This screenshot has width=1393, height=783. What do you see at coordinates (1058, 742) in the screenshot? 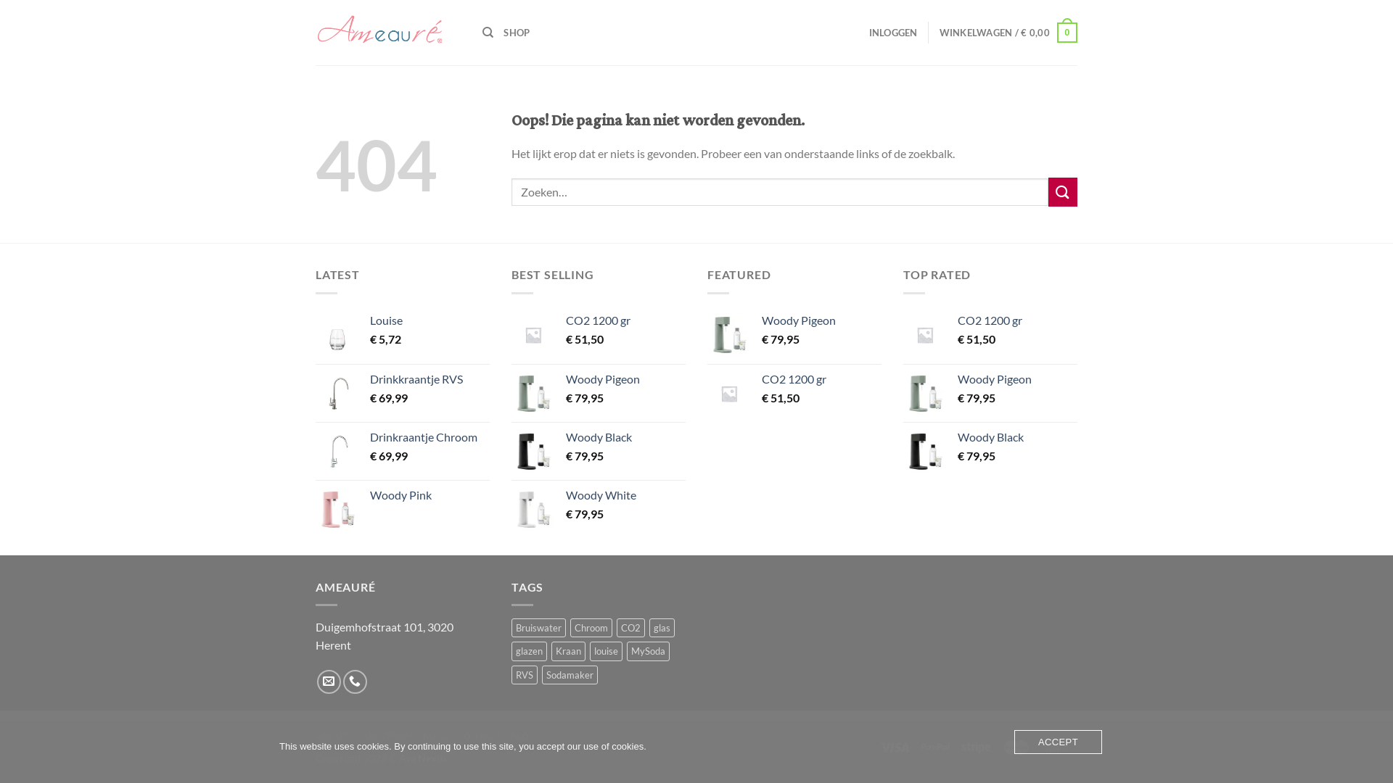
I see `'ACCEPT'` at bounding box center [1058, 742].